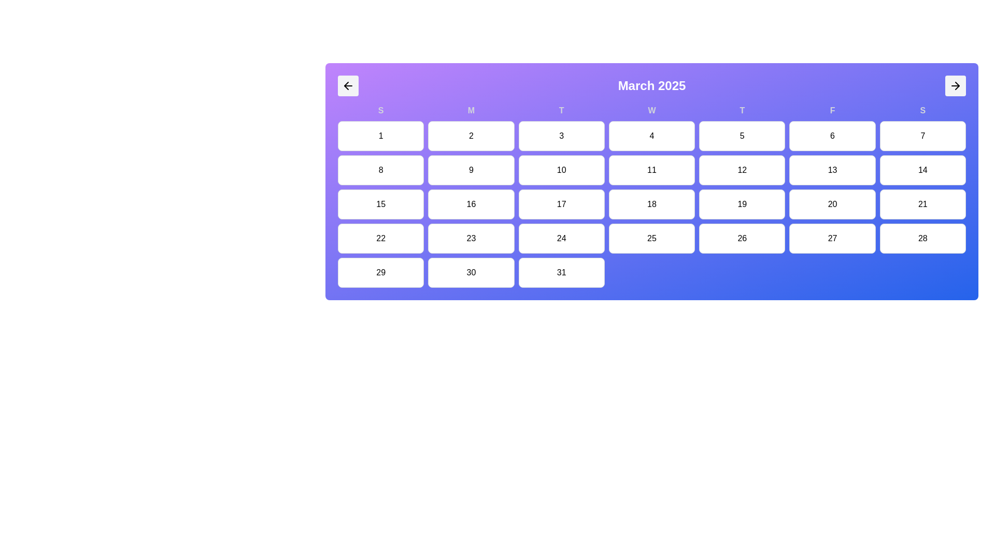 Image resolution: width=995 pixels, height=559 pixels. What do you see at coordinates (957, 85) in the screenshot?
I see `the right-pointing arrowhead SVG element located near the top right corner of the calendar component` at bounding box center [957, 85].